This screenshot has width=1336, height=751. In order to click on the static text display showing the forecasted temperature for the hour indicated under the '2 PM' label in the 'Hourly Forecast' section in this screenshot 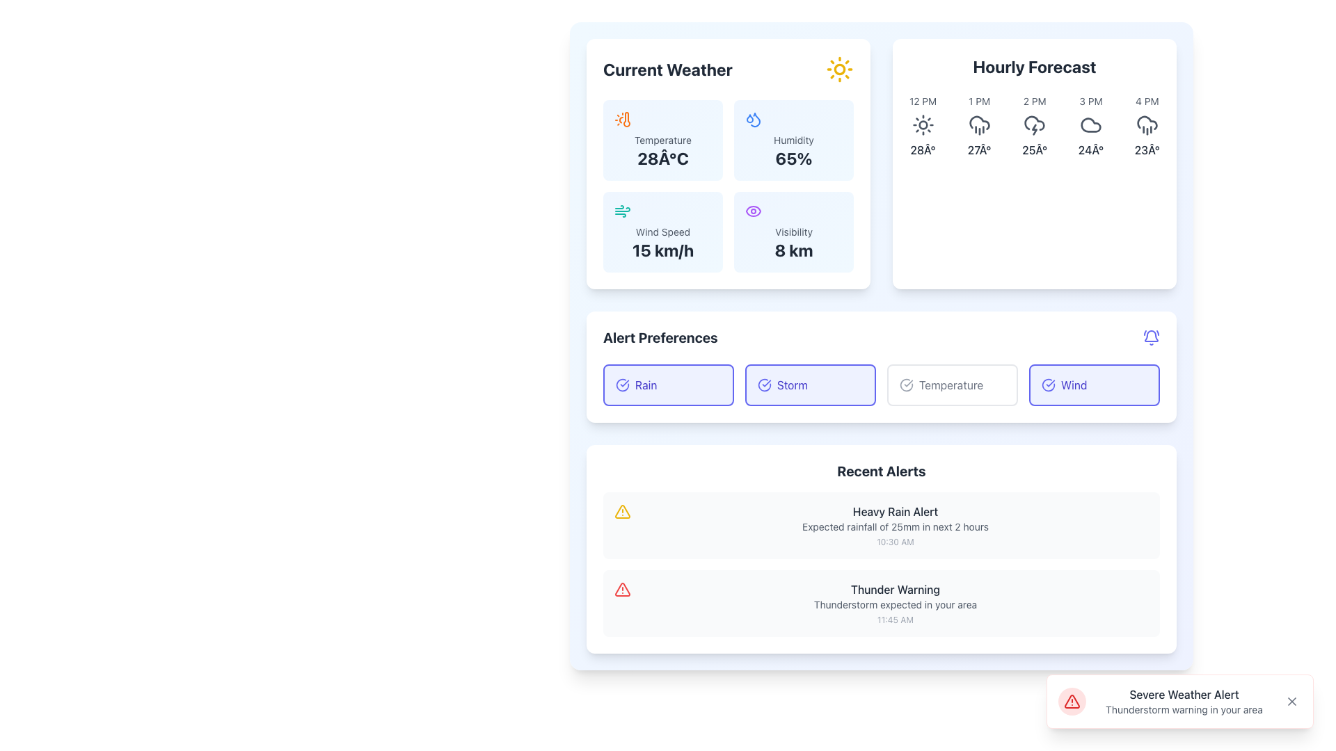, I will do `click(1035, 150)`.